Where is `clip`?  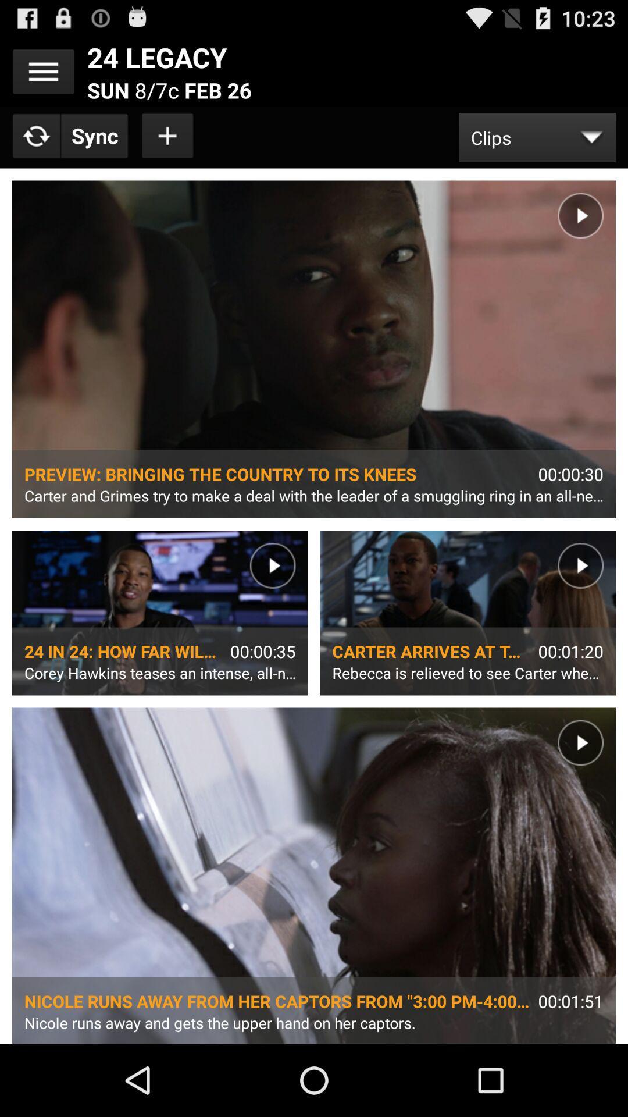
clip is located at coordinates (168, 136).